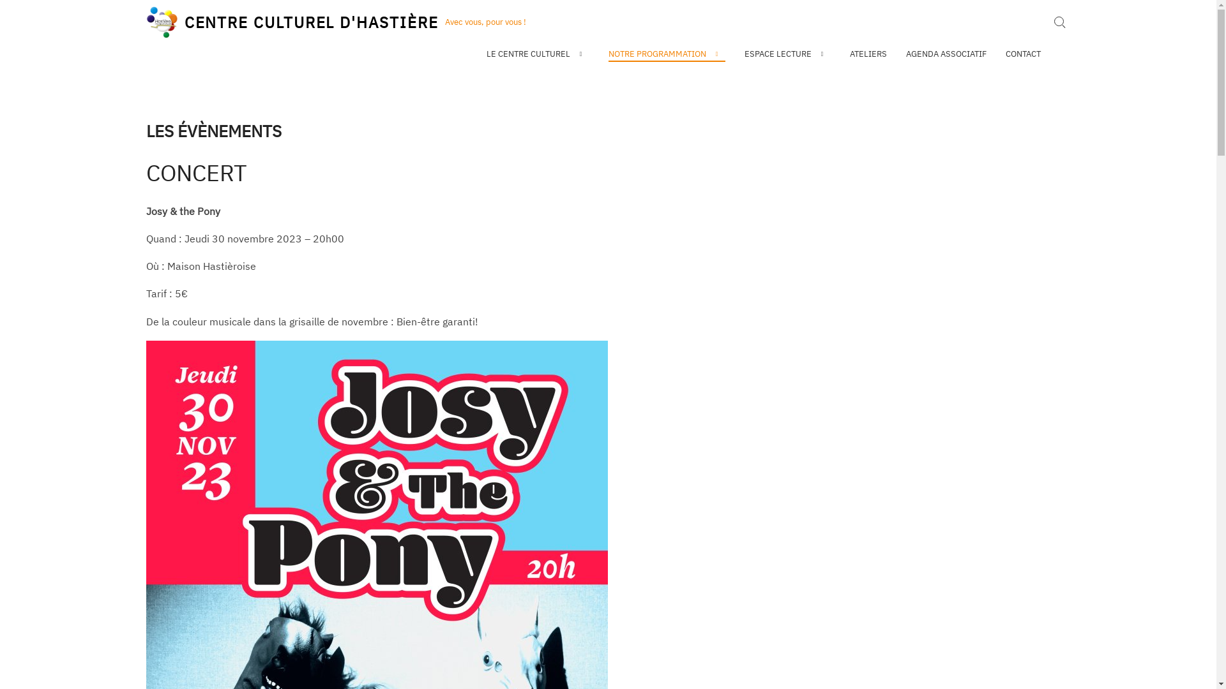 This screenshot has height=689, width=1226. Describe the element at coordinates (666, 54) in the screenshot. I see `'NOTRE PROGRAMMATION'` at that location.